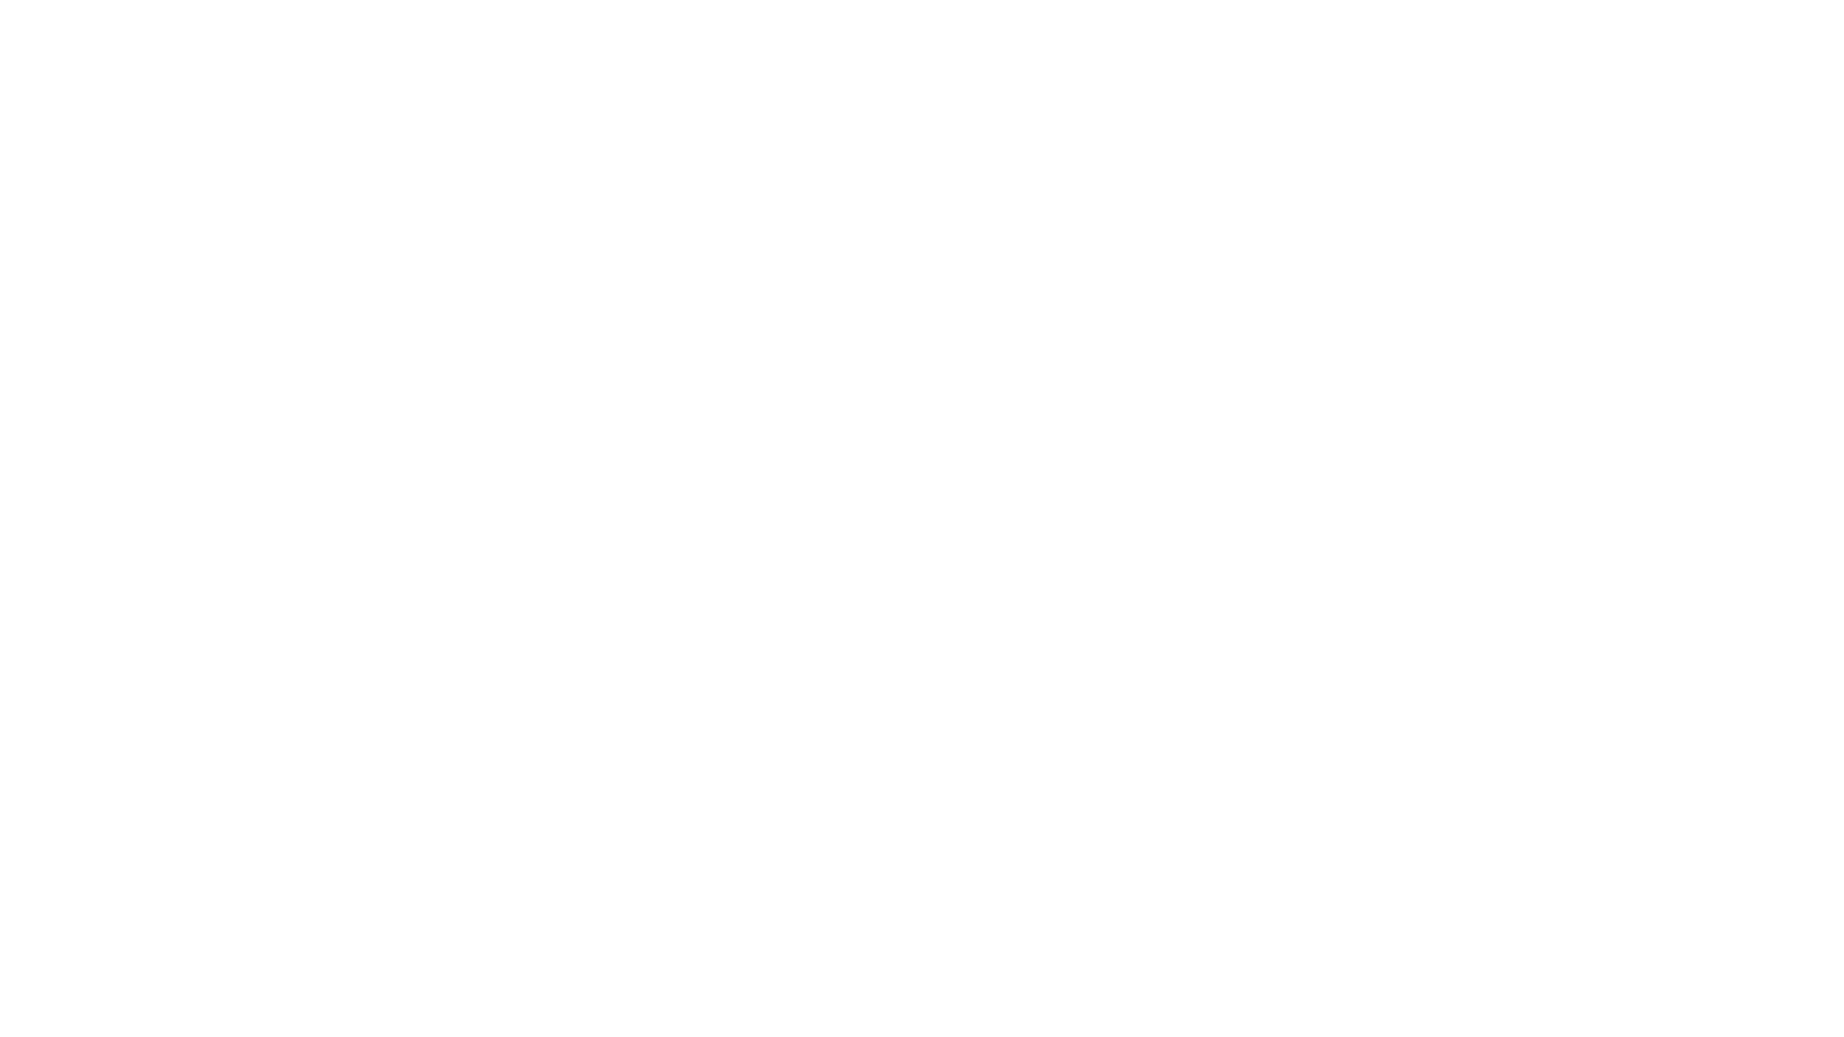 This screenshot has width=1844, height=1037. I want to click on Find by City & State, so click(920, 386).